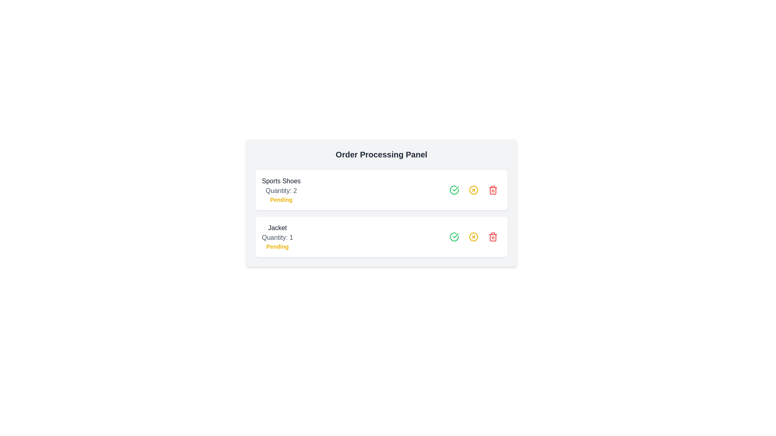 This screenshot has width=776, height=436. I want to click on the green circular checkmark icon button in the Order Processing Panel for the second order labeled 'Jacket', so click(455, 189).